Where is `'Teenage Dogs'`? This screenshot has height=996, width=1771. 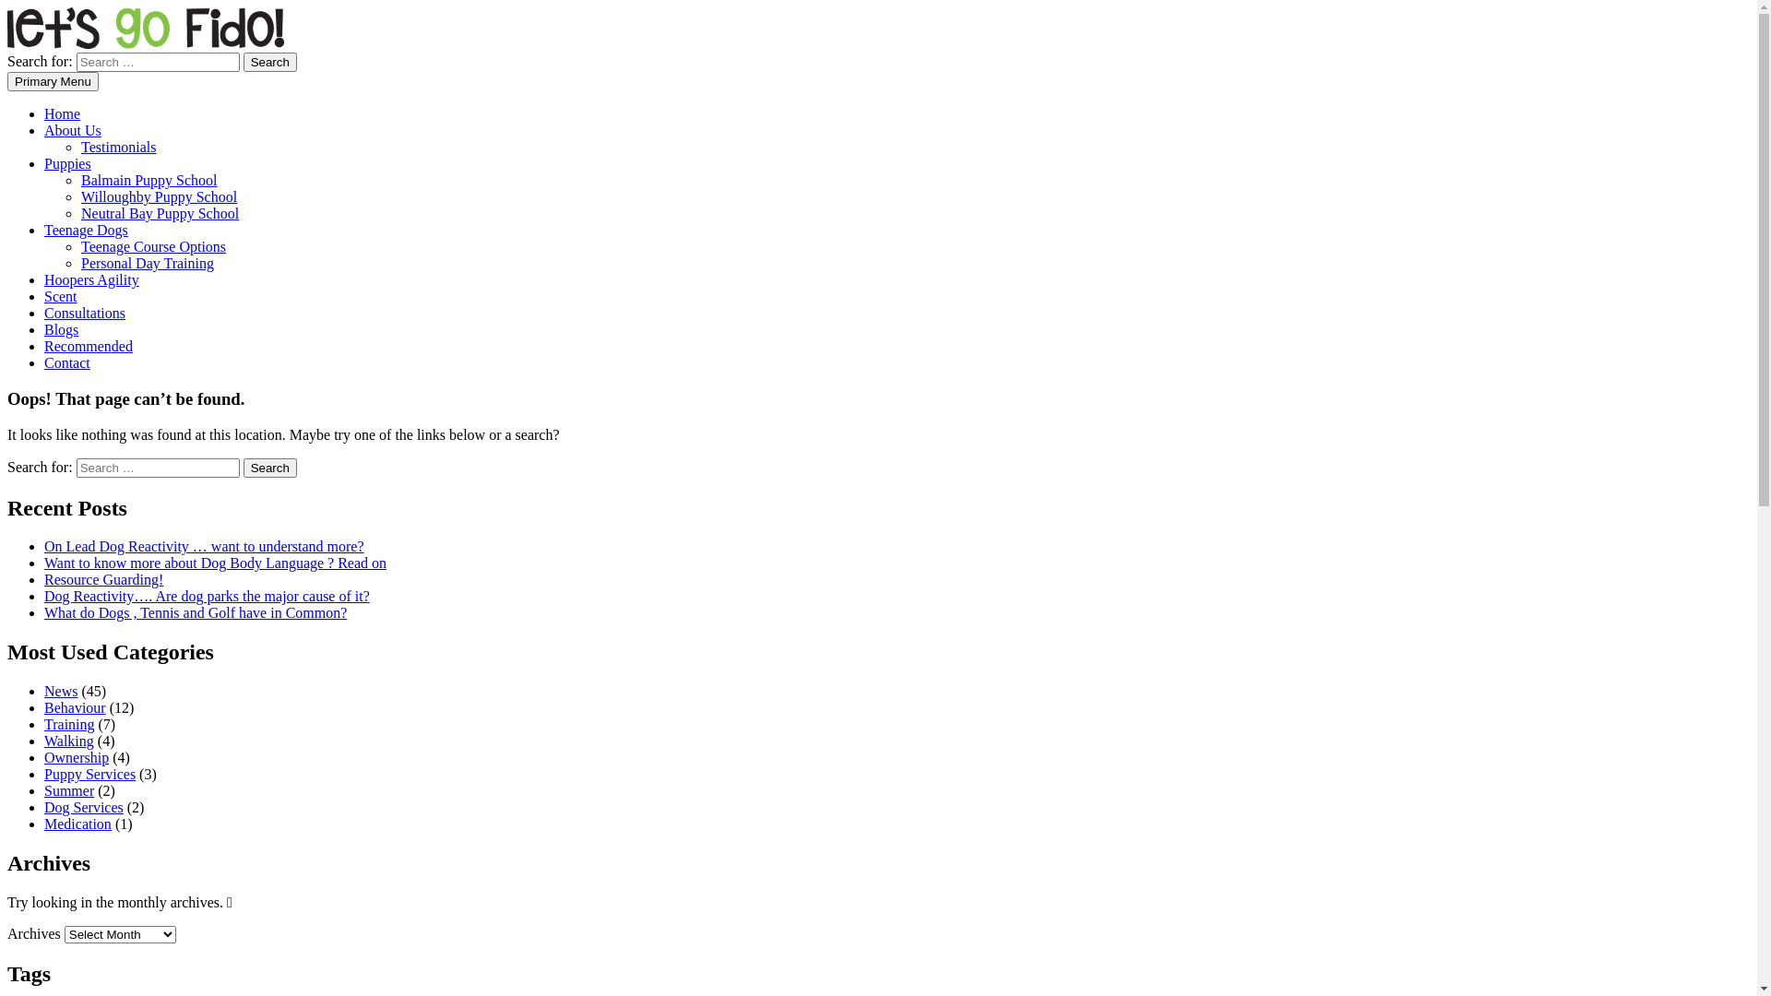 'Teenage Dogs' is located at coordinates (85, 229).